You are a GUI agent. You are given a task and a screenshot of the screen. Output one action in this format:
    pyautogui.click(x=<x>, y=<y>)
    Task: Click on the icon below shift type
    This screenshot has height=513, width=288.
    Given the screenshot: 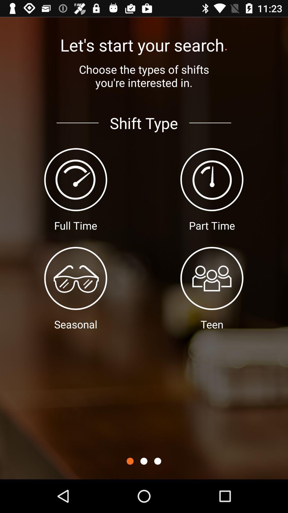 What is the action you would take?
    pyautogui.click(x=130, y=461)
    